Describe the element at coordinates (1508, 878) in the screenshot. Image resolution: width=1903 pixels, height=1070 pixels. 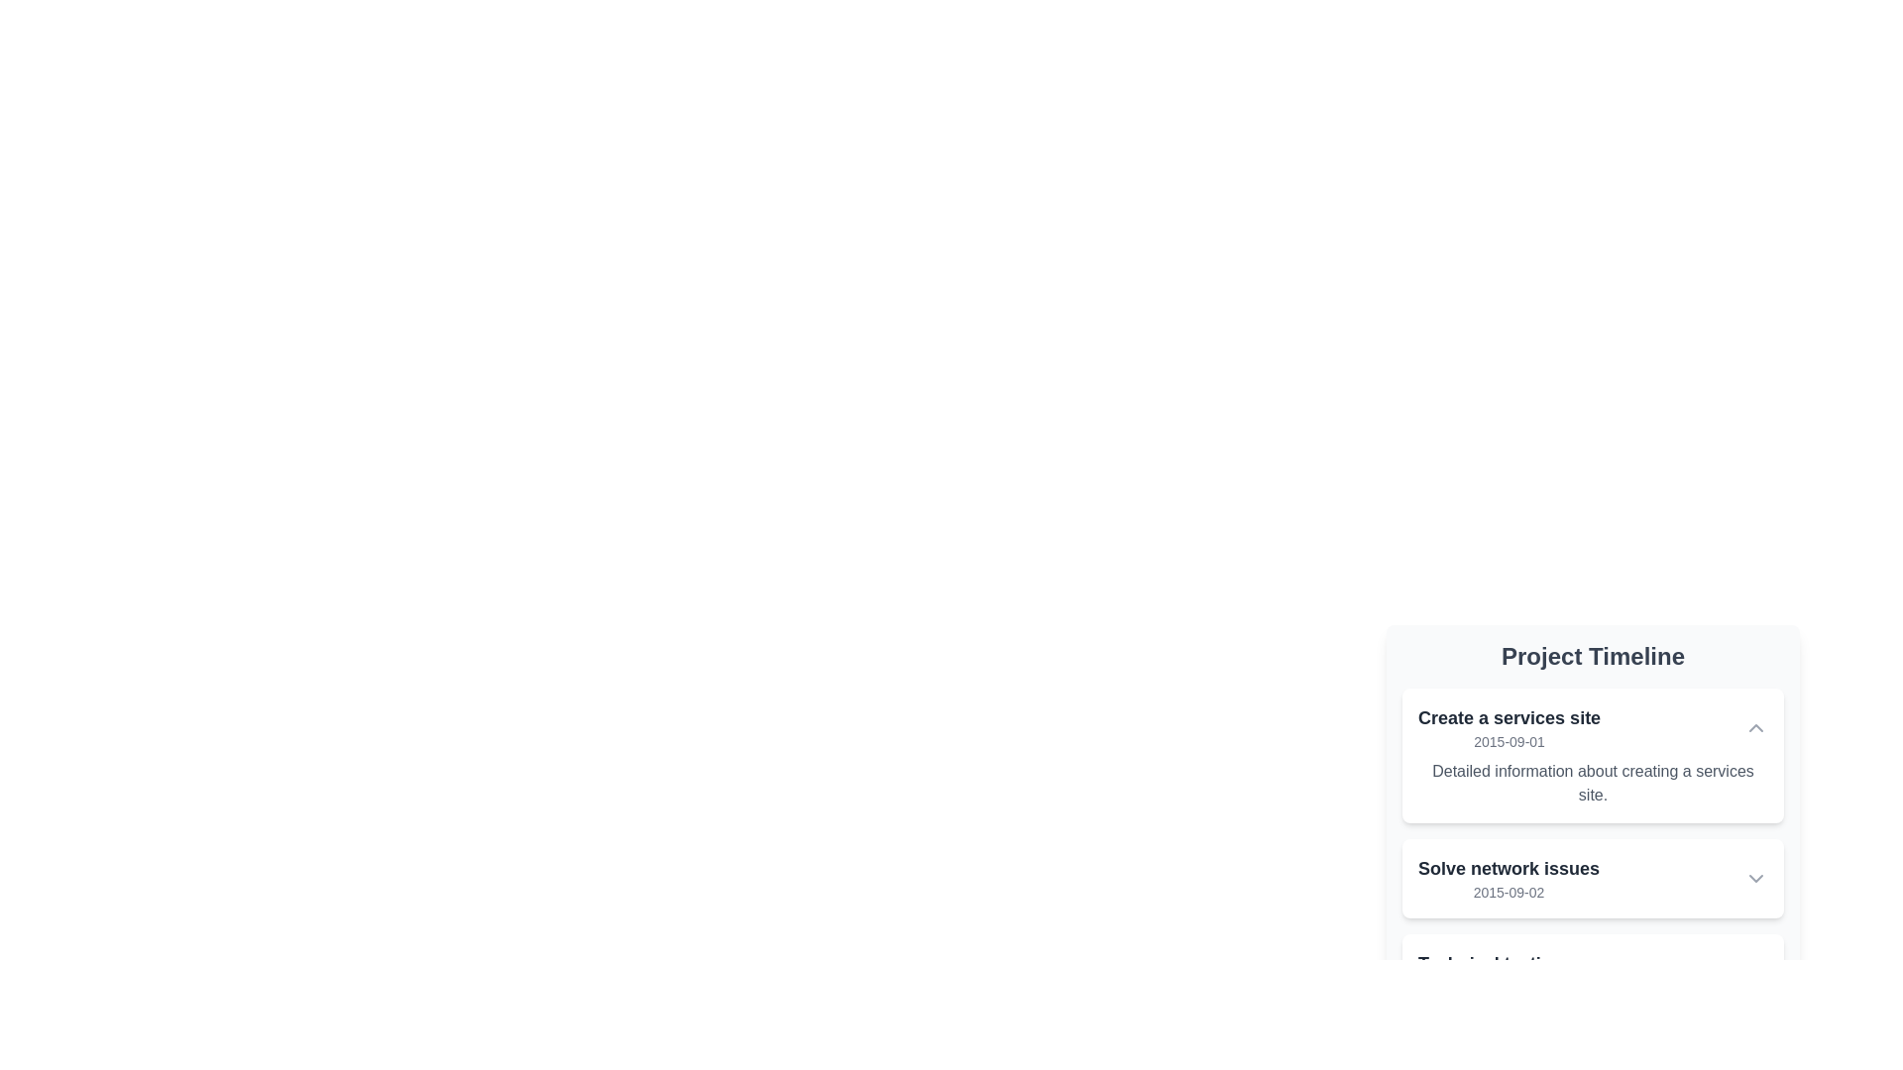
I see `the Text Component displaying 'Solve network issues' and '2015-09-02' within the Project Timeline list` at that location.